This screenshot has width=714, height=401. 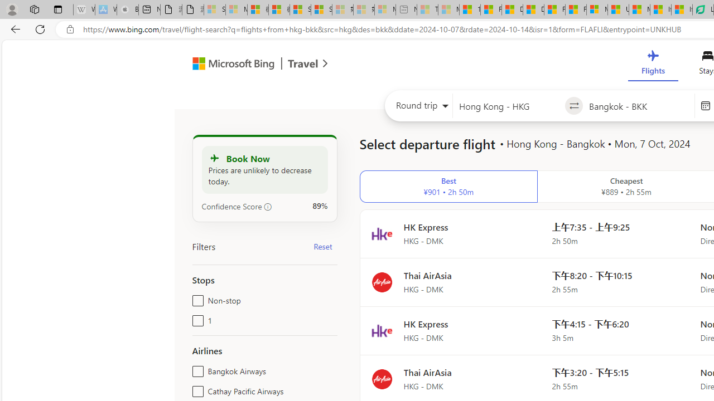 I want to click on 'Select trip type', so click(x=418, y=108).